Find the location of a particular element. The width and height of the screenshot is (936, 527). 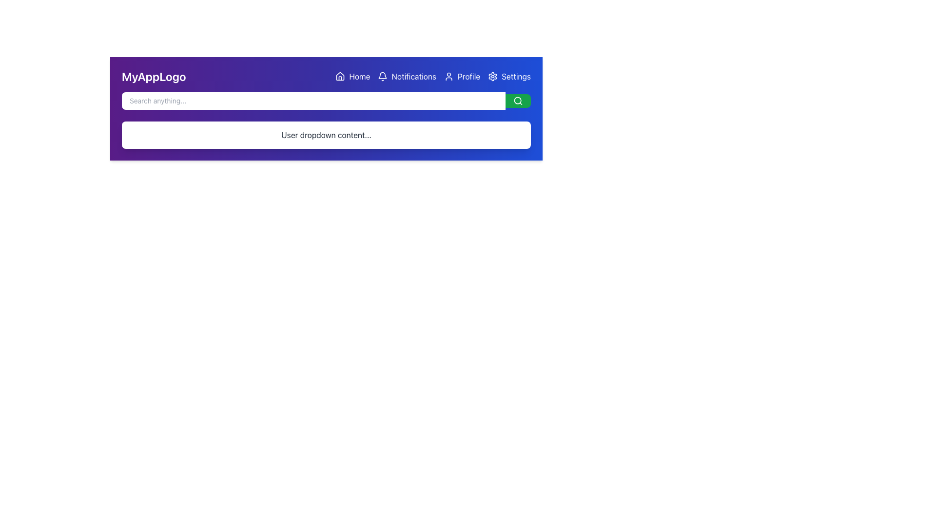

the search icon located at the far right of the green button to initiate a search based on the input provided in the adjacent search bar is located at coordinates (517, 101).